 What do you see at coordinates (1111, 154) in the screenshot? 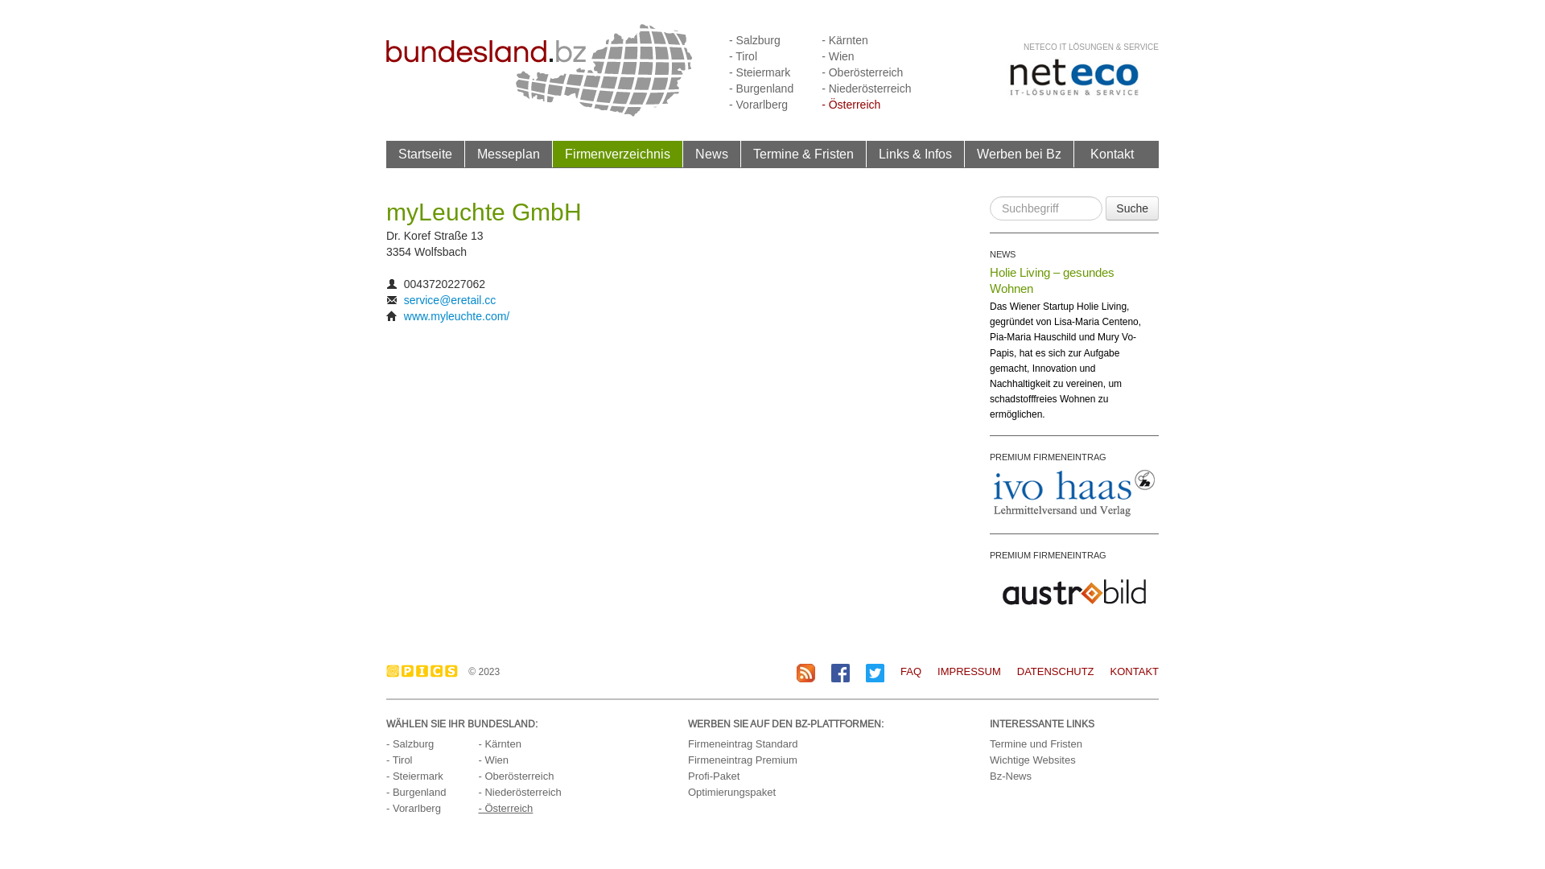
I see `'Kontakt'` at bounding box center [1111, 154].